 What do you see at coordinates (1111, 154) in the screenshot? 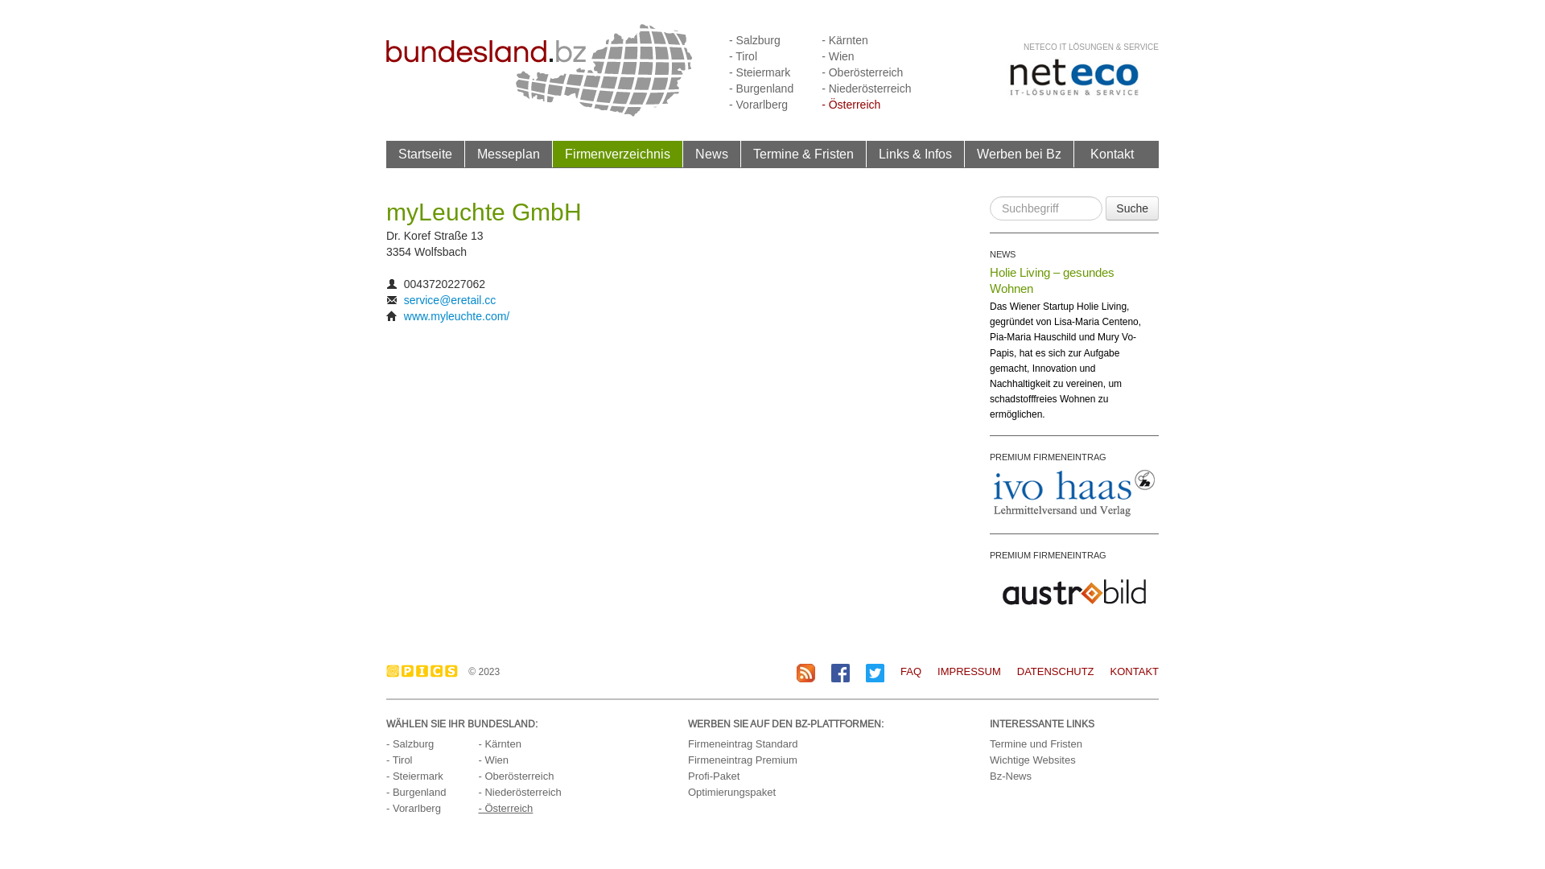
I see `'Kontakt'` at bounding box center [1111, 154].